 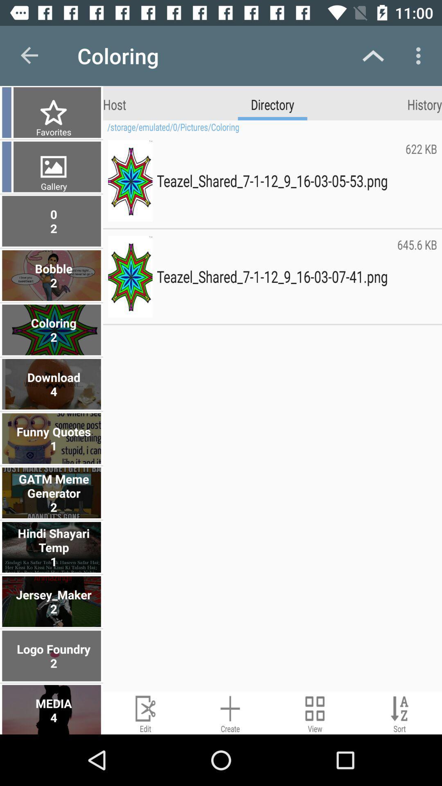 What do you see at coordinates (417, 276) in the screenshot?
I see `645.6 kb icon` at bounding box center [417, 276].